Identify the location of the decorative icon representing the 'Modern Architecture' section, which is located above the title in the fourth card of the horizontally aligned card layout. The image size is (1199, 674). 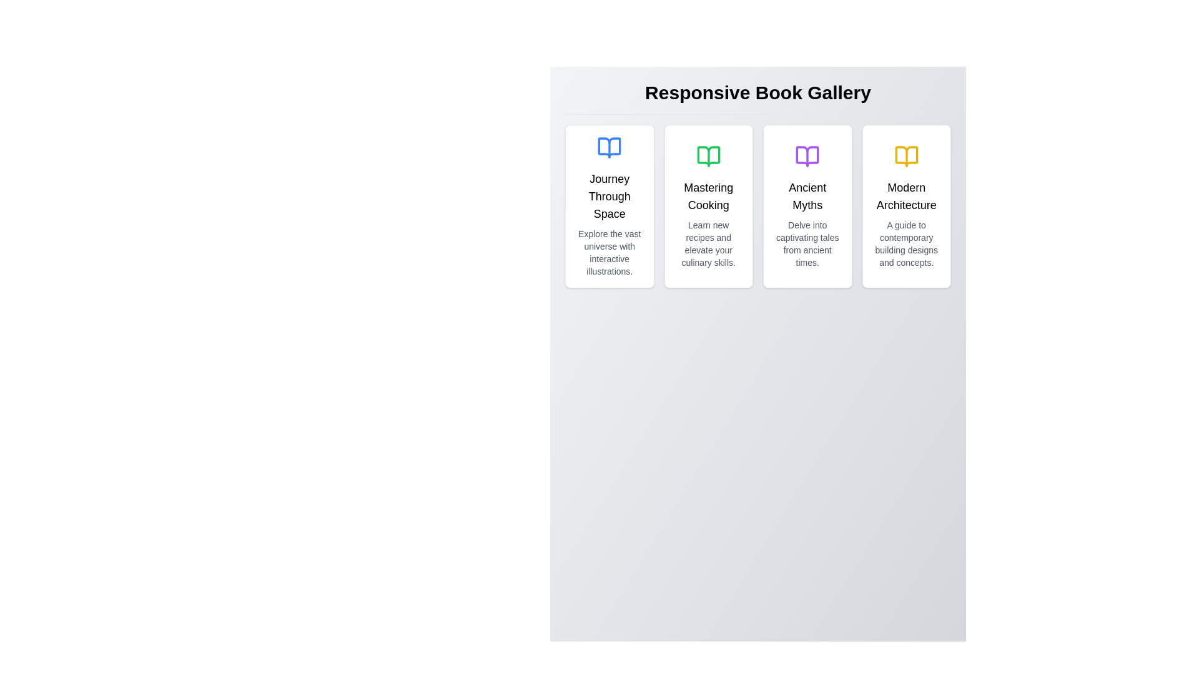
(906, 155).